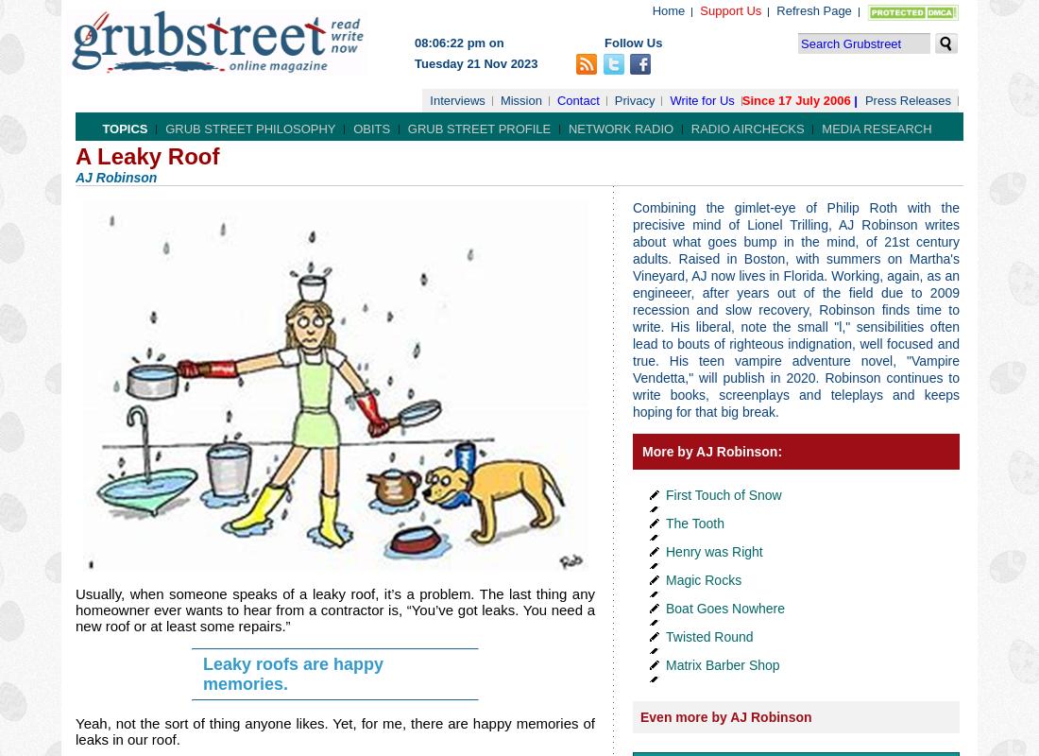  I want to click on 'Twisted Round', so click(664, 637).